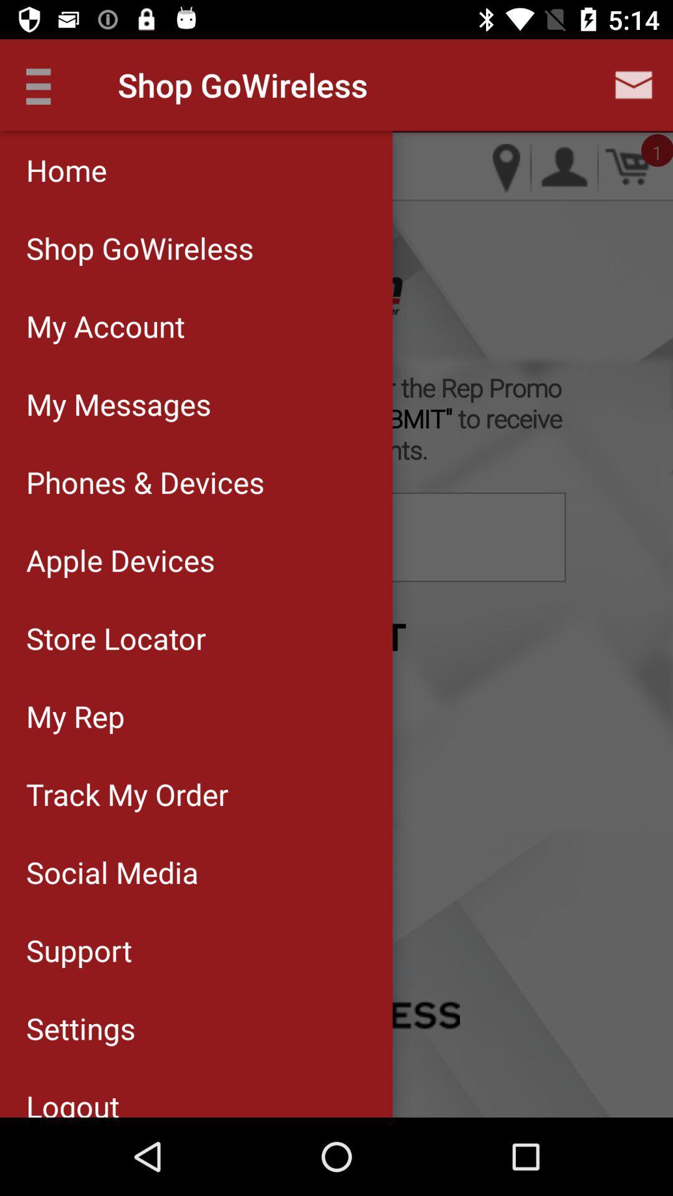 This screenshot has width=673, height=1196. Describe the element at coordinates (45, 84) in the screenshot. I see `the item next to shop gowireless` at that location.